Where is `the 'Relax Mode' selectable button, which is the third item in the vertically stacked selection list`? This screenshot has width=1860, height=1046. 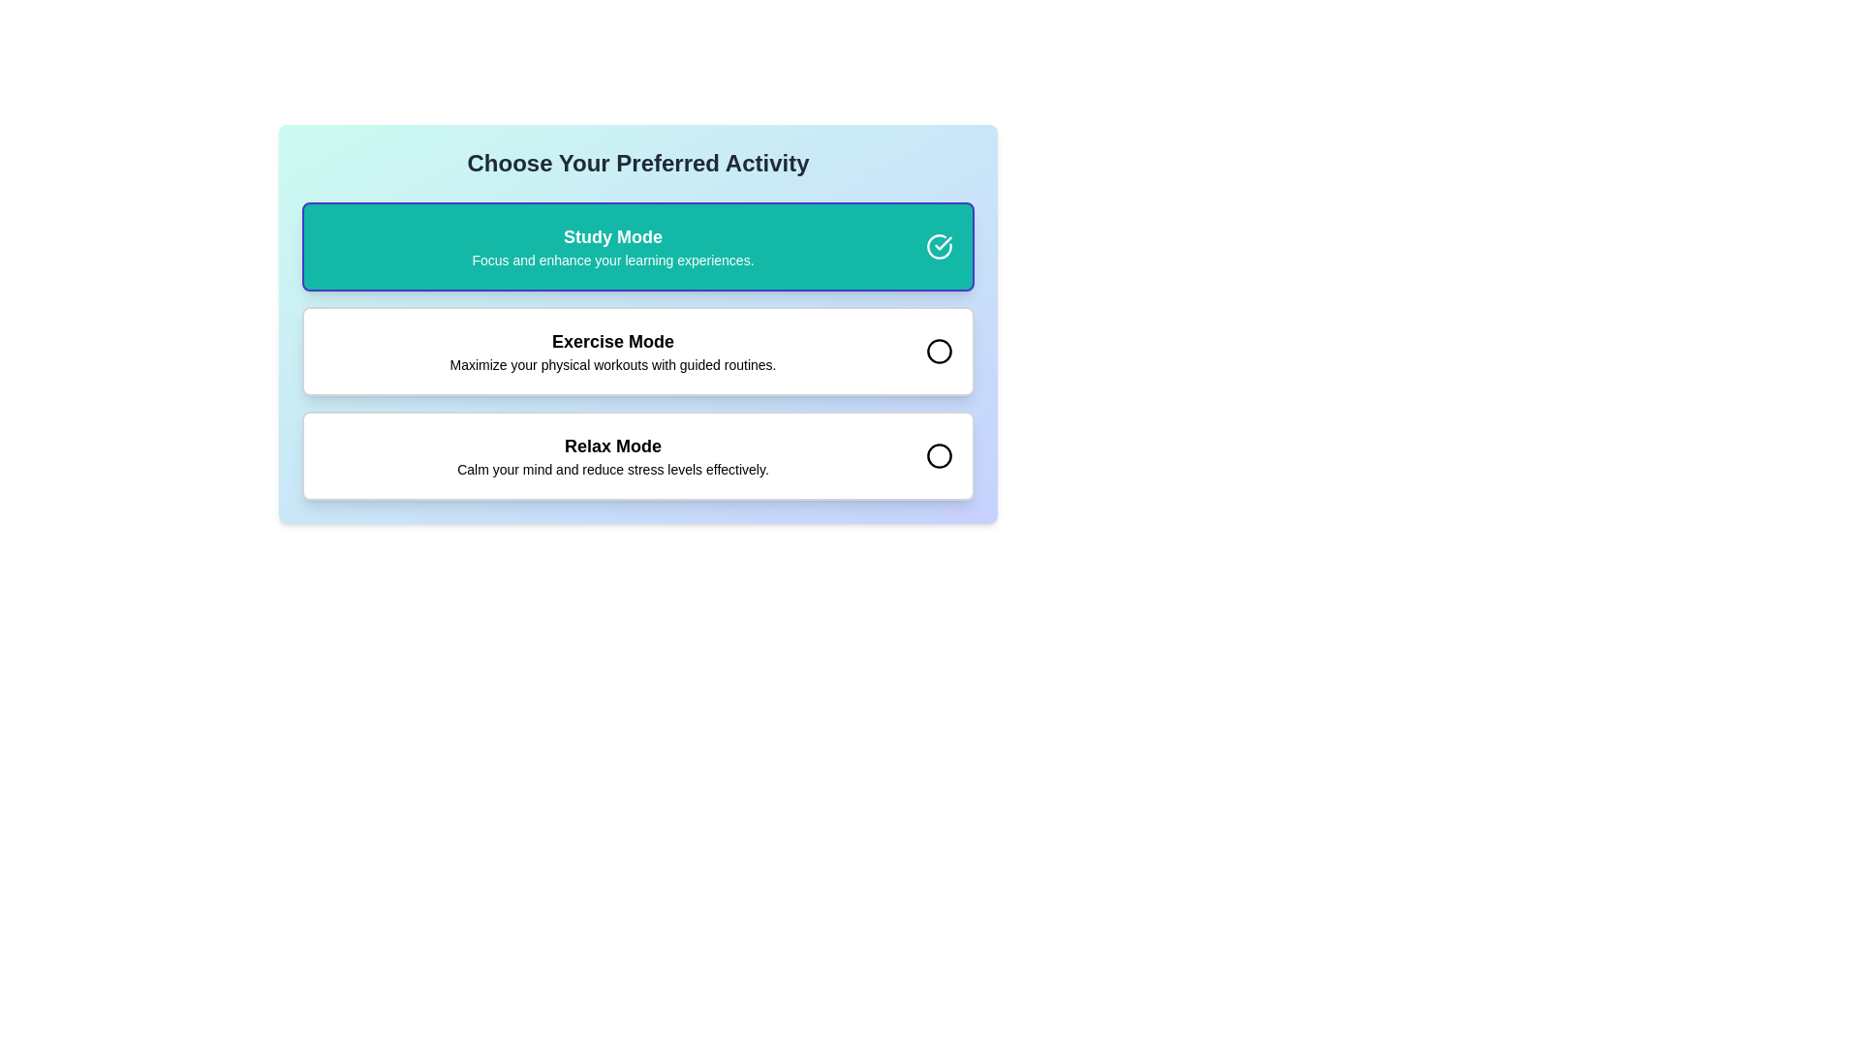
the 'Relax Mode' selectable button, which is the third item in the vertically stacked selection list is located at coordinates (637, 455).